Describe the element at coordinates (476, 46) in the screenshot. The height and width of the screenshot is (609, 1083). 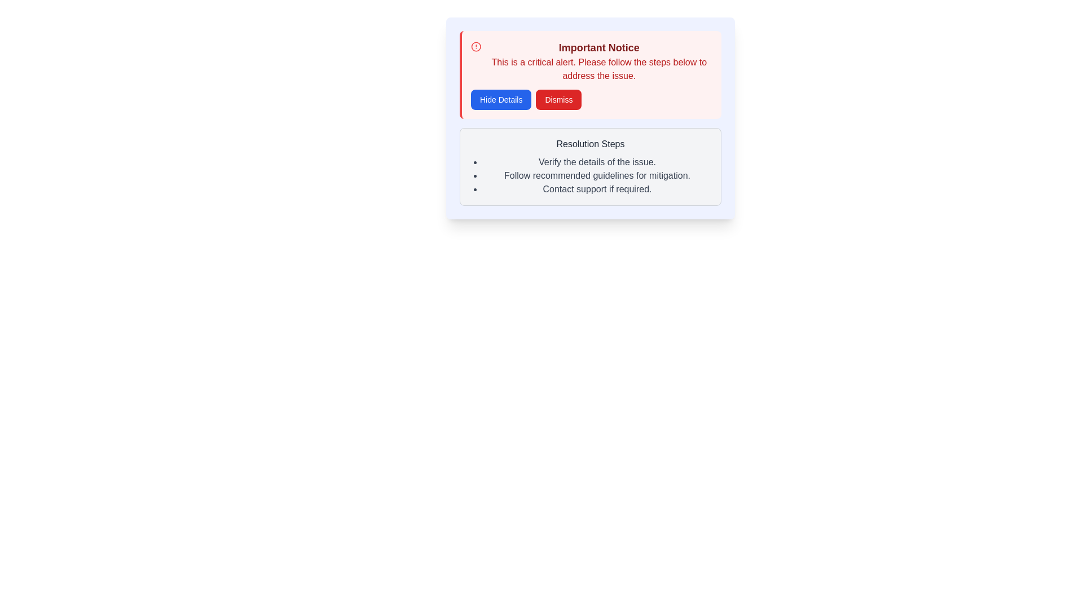
I see `the outermost stroke circle of the warning symbol, which serves as a visual component for the alert message` at that location.